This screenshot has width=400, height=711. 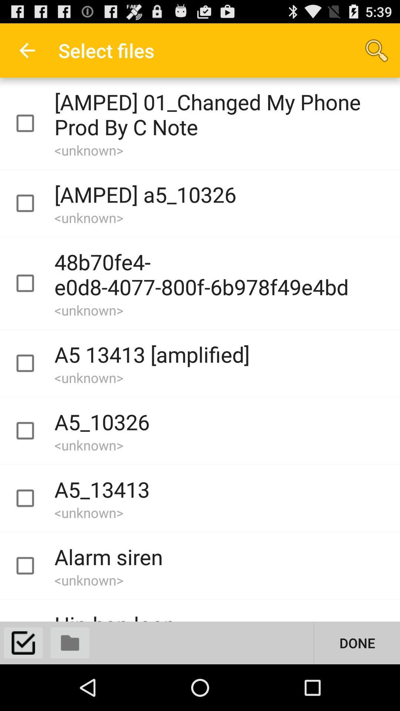 I want to click on open folder, so click(x=70, y=642).